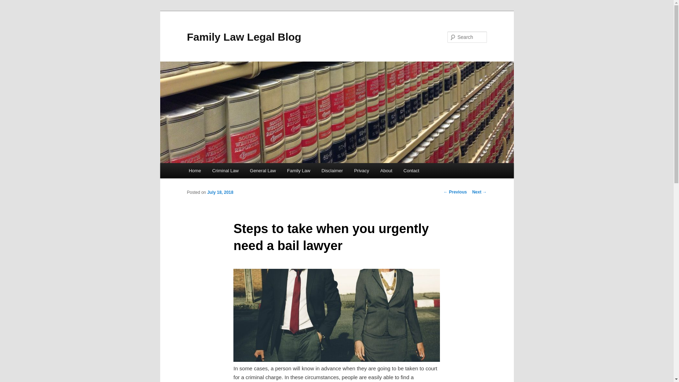 Image resolution: width=679 pixels, height=382 pixels. What do you see at coordinates (332, 170) in the screenshot?
I see `'Disclaimer'` at bounding box center [332, 170].